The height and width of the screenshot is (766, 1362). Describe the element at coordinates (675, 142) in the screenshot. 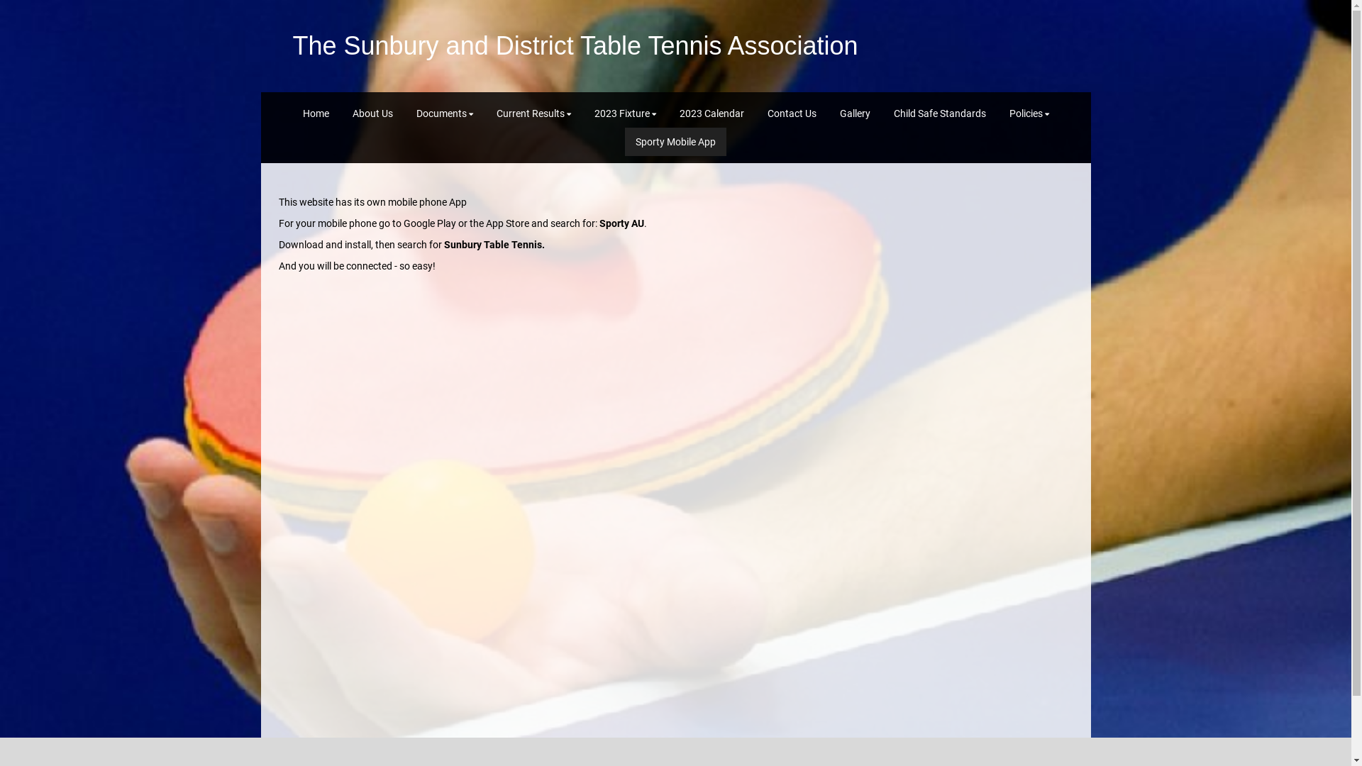

I see `'Sporty Mobile App'` at that location.